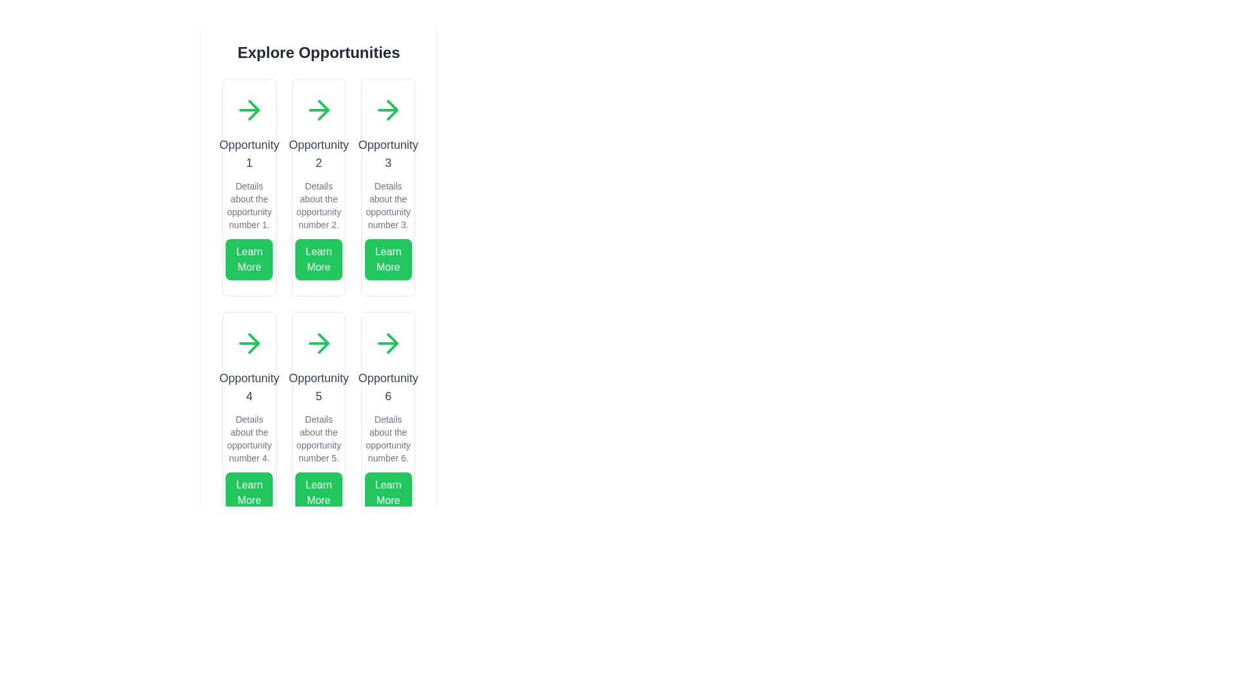 This screenshot has width=1238, height=696. Describe the element at coordinates (249, 387) in the screenshot. I see `the text label that serves as the title for the opportunity section, located in the second row, first column of the grid layout` at that location.